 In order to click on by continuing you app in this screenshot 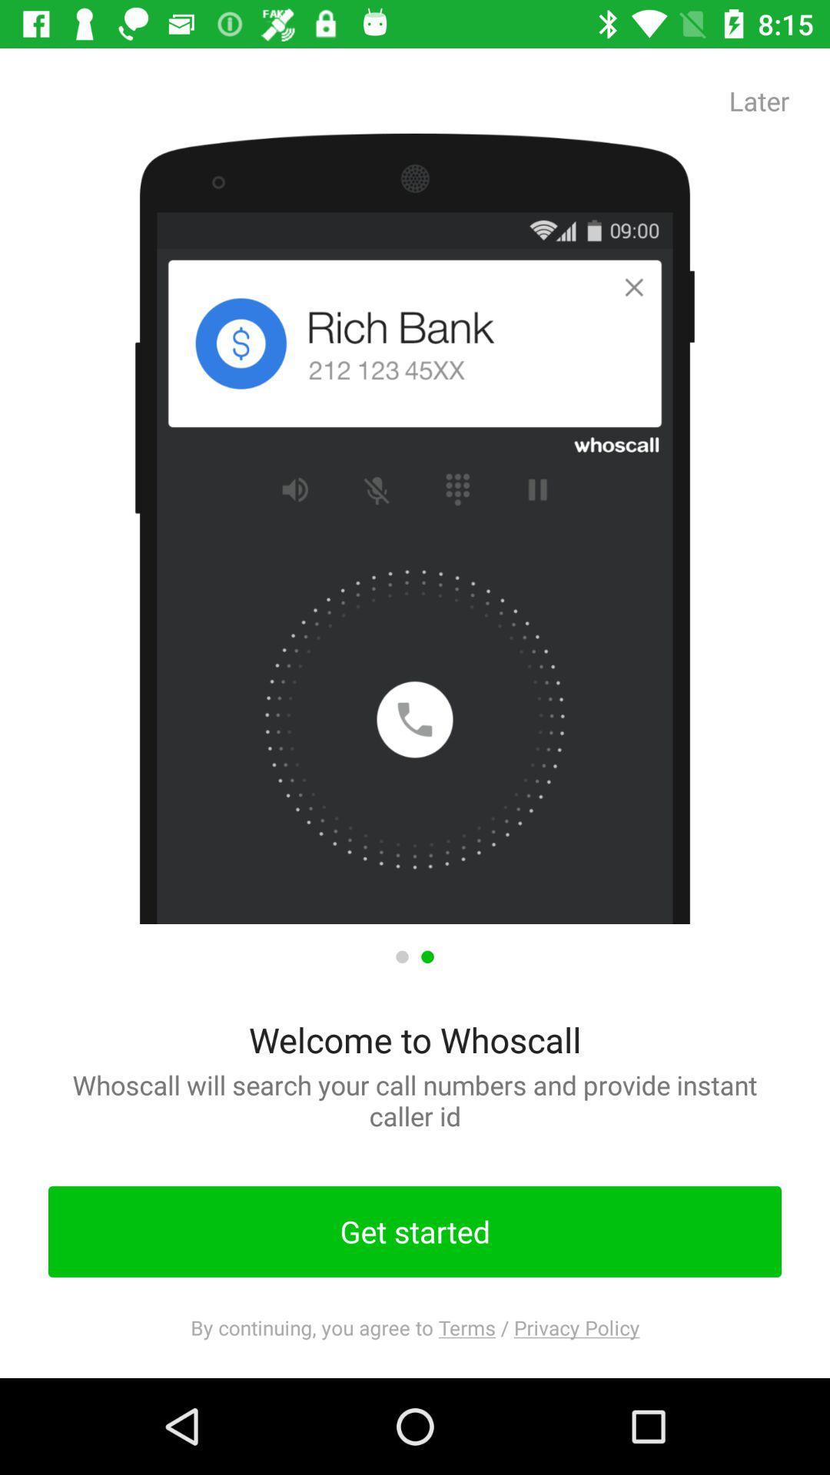, I will do `click(415, 1327)`.